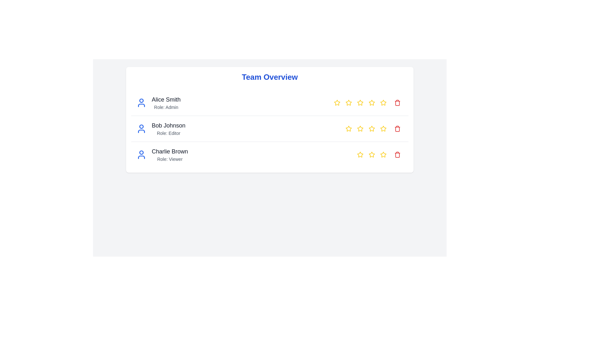 This screenshot has height=346, width=616. Describe the element at coordinates (269, 77) in the screenshot. I see `the text header element displaying 'Team Overview' in bold blue color, positioned at the top of the user information card` at that location.